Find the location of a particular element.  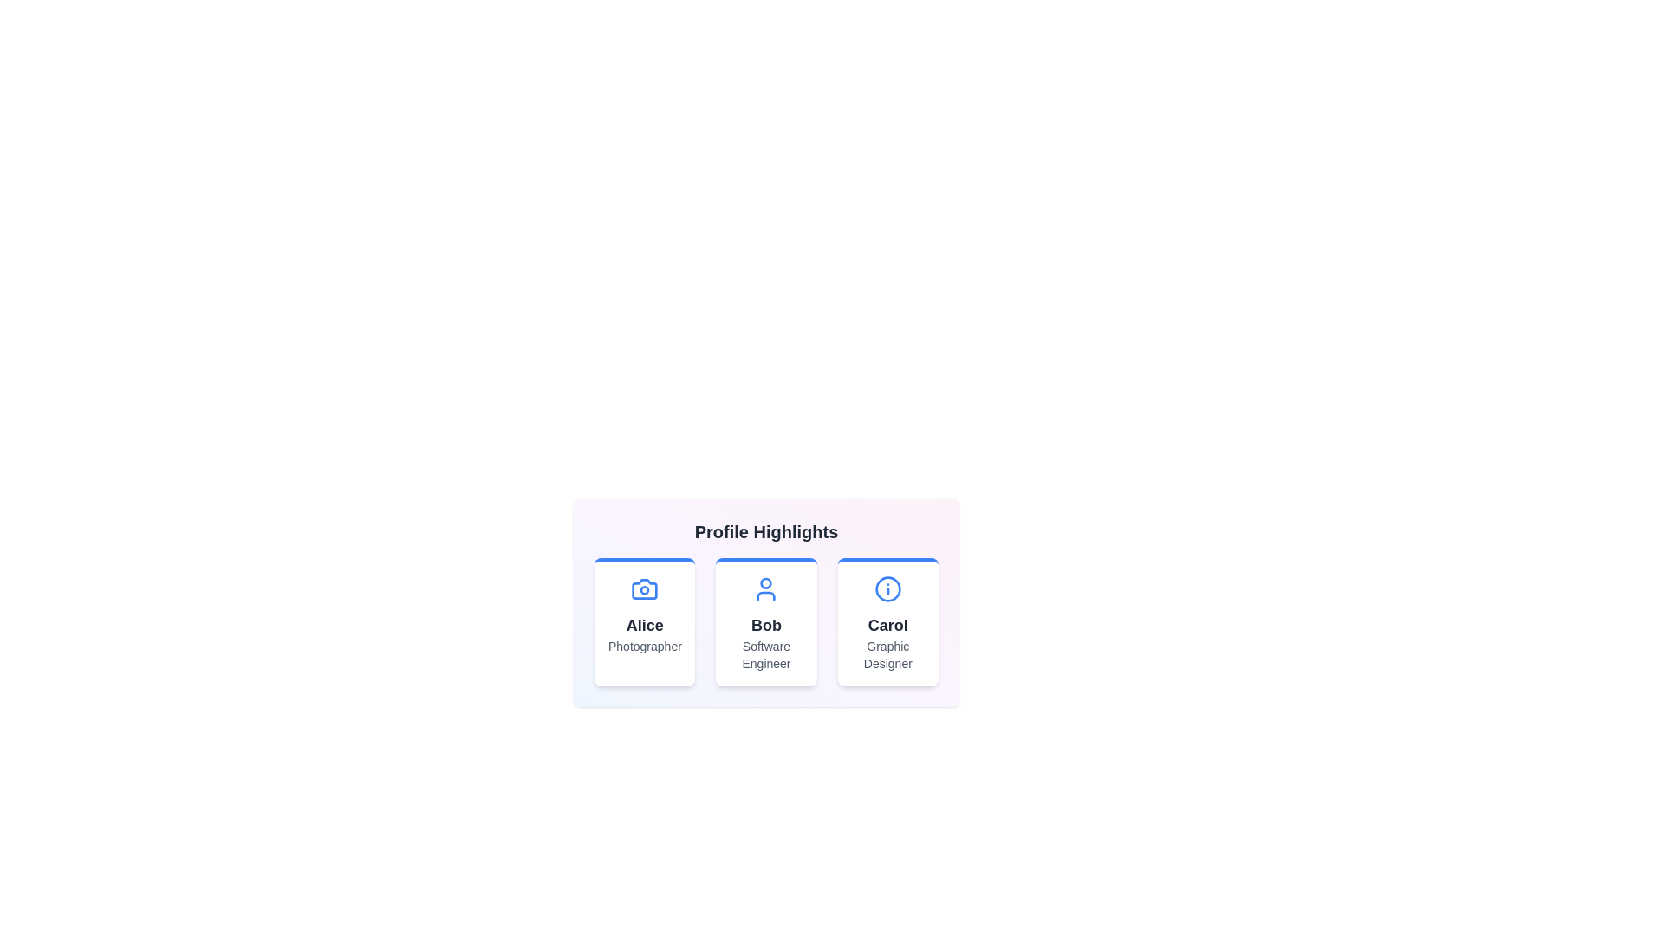

the profile card for Bob is located at coordinates (765, 621).